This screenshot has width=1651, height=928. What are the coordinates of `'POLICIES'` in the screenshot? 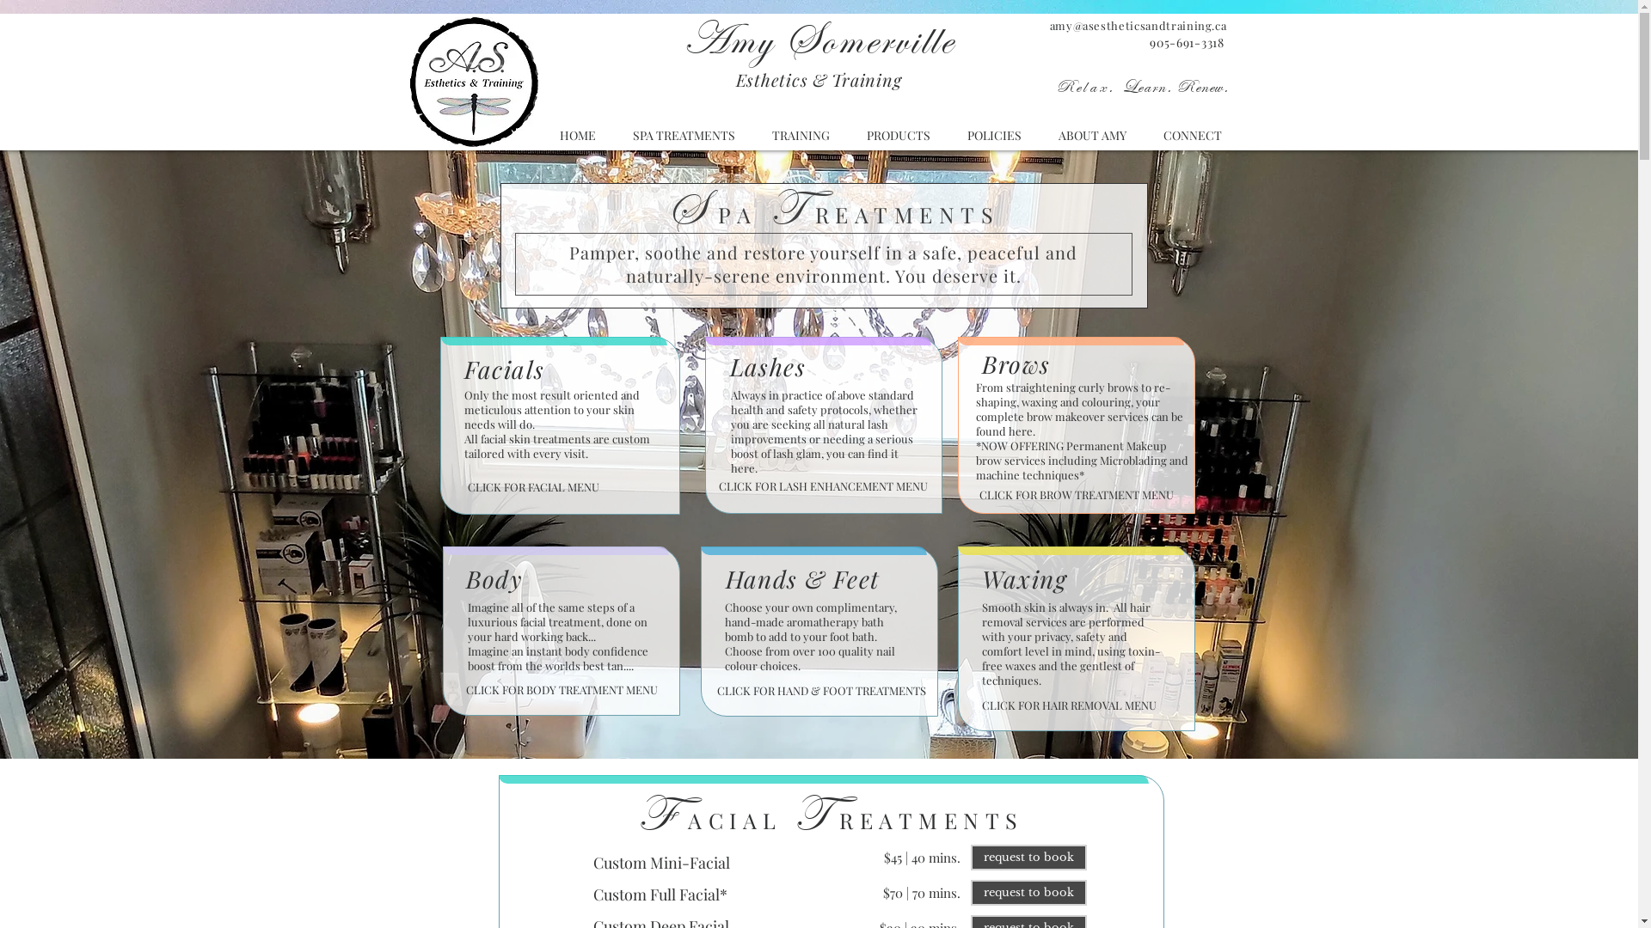 It's located at (994, 134).